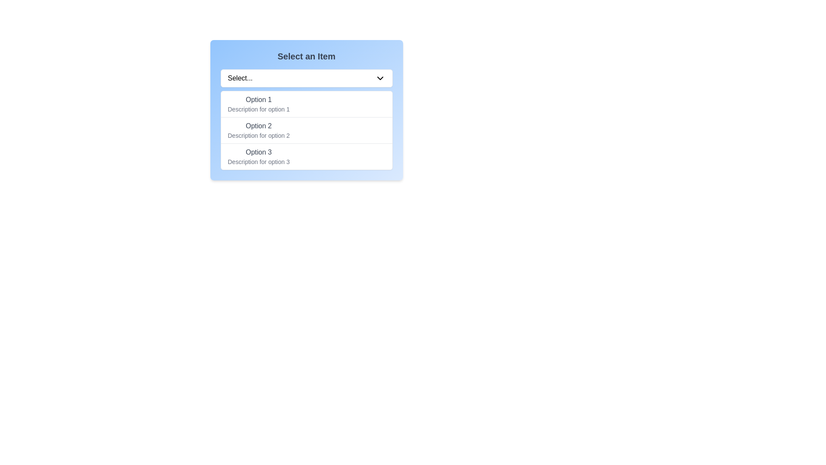 The height and width of the screenshot is (465, 826). What do you see at coordinates (306, 130) in the screenshot?
I see `the second option in the dropdown menu labeled 'Option 2'` at bounding box center [306, 130].